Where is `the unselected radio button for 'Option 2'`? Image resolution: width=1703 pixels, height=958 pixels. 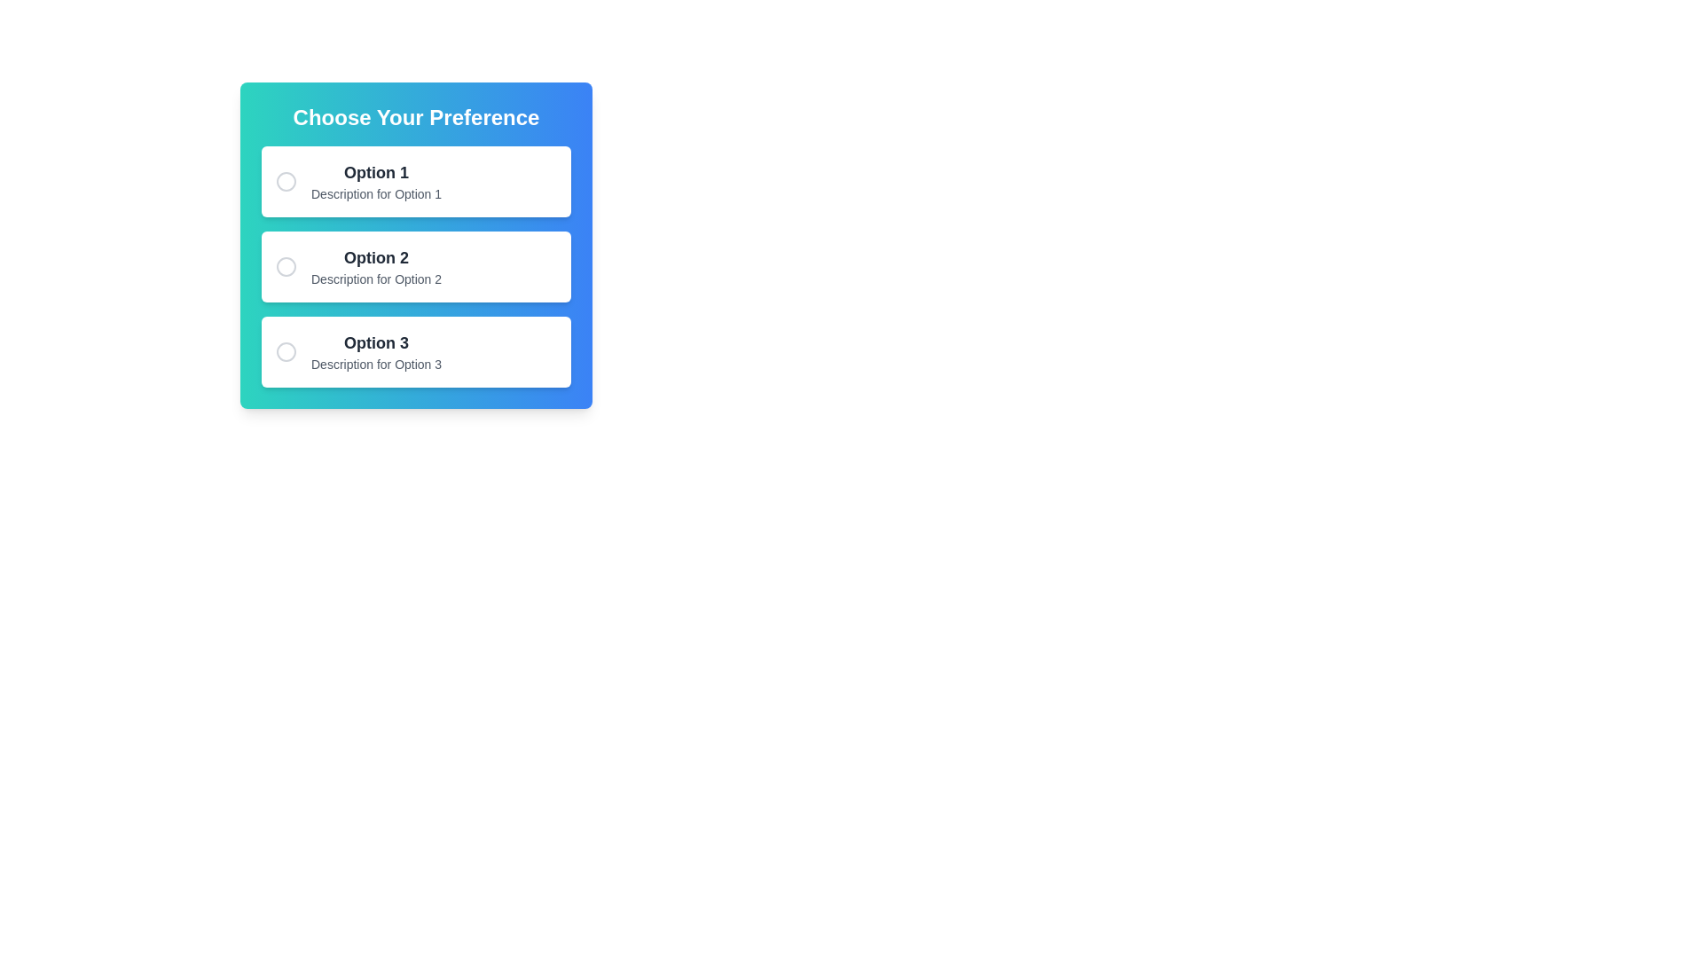
the unselected radio button for 'Option 2' is located at coordinates (286, 266).